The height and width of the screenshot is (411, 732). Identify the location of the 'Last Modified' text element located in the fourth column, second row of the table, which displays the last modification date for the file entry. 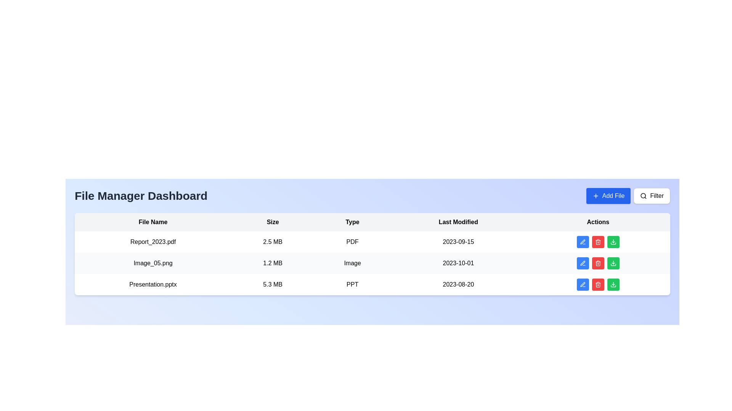
(458, 263).